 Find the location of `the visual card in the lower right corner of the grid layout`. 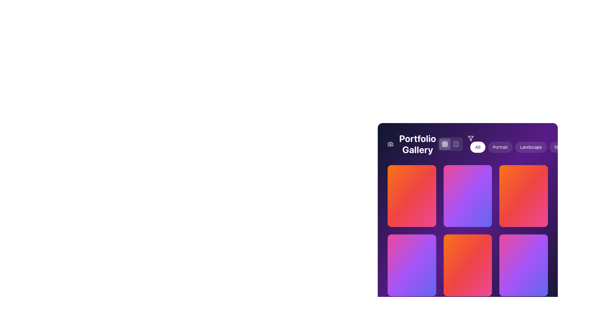

the visual card in the lower right corner of the grid layout is located at coordinates (523, 280).